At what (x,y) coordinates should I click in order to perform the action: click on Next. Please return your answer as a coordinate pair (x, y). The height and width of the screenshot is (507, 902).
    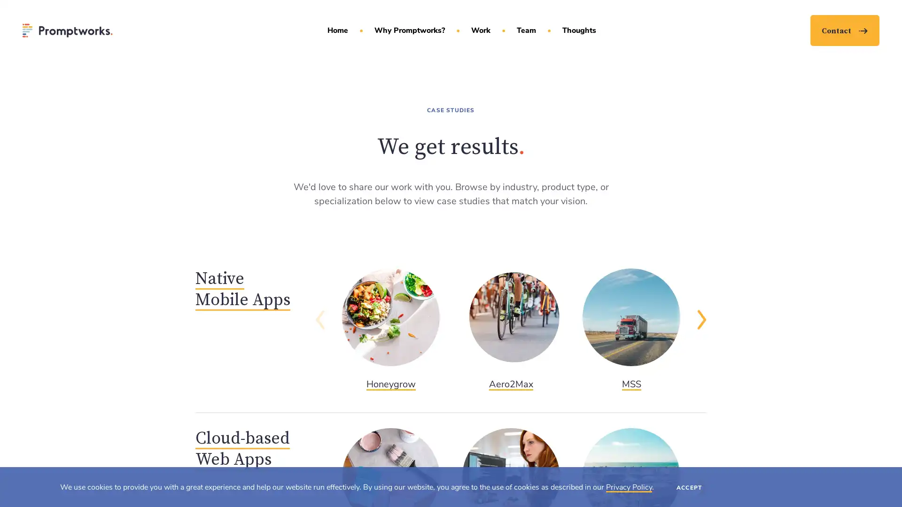
    Looking at the image, I should click on (701, 487).